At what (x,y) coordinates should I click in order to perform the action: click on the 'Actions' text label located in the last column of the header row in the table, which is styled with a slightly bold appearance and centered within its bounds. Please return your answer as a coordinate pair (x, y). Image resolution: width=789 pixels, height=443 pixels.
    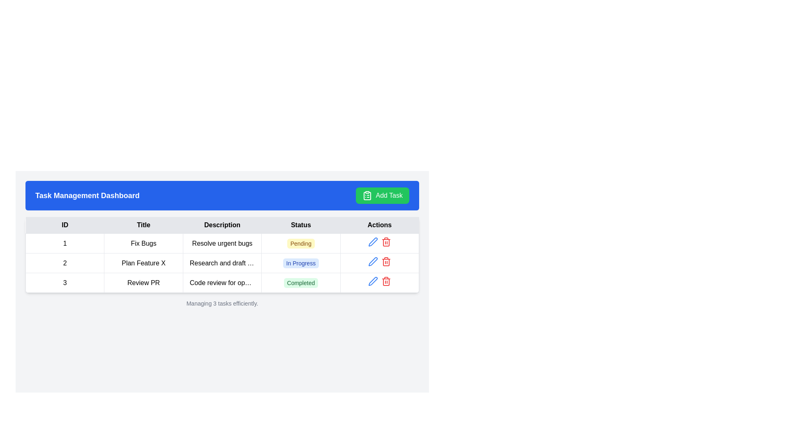
    Looking at the image, I should click on (379, 225).